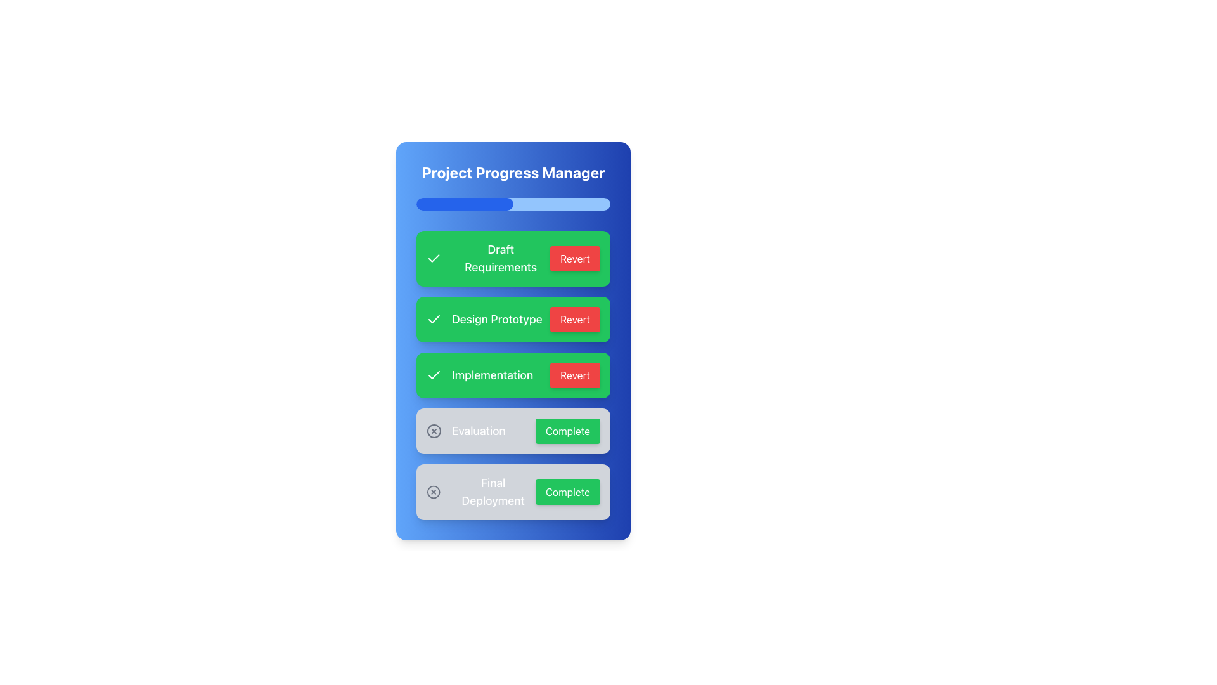 This screenshot has height=685, width=1217. I want to click on the Progress Indicator, a horizontally elongated rectangle with rounded ends filled with deep blue color, located below the title 'Project Progress Manager', so click(464, 203).